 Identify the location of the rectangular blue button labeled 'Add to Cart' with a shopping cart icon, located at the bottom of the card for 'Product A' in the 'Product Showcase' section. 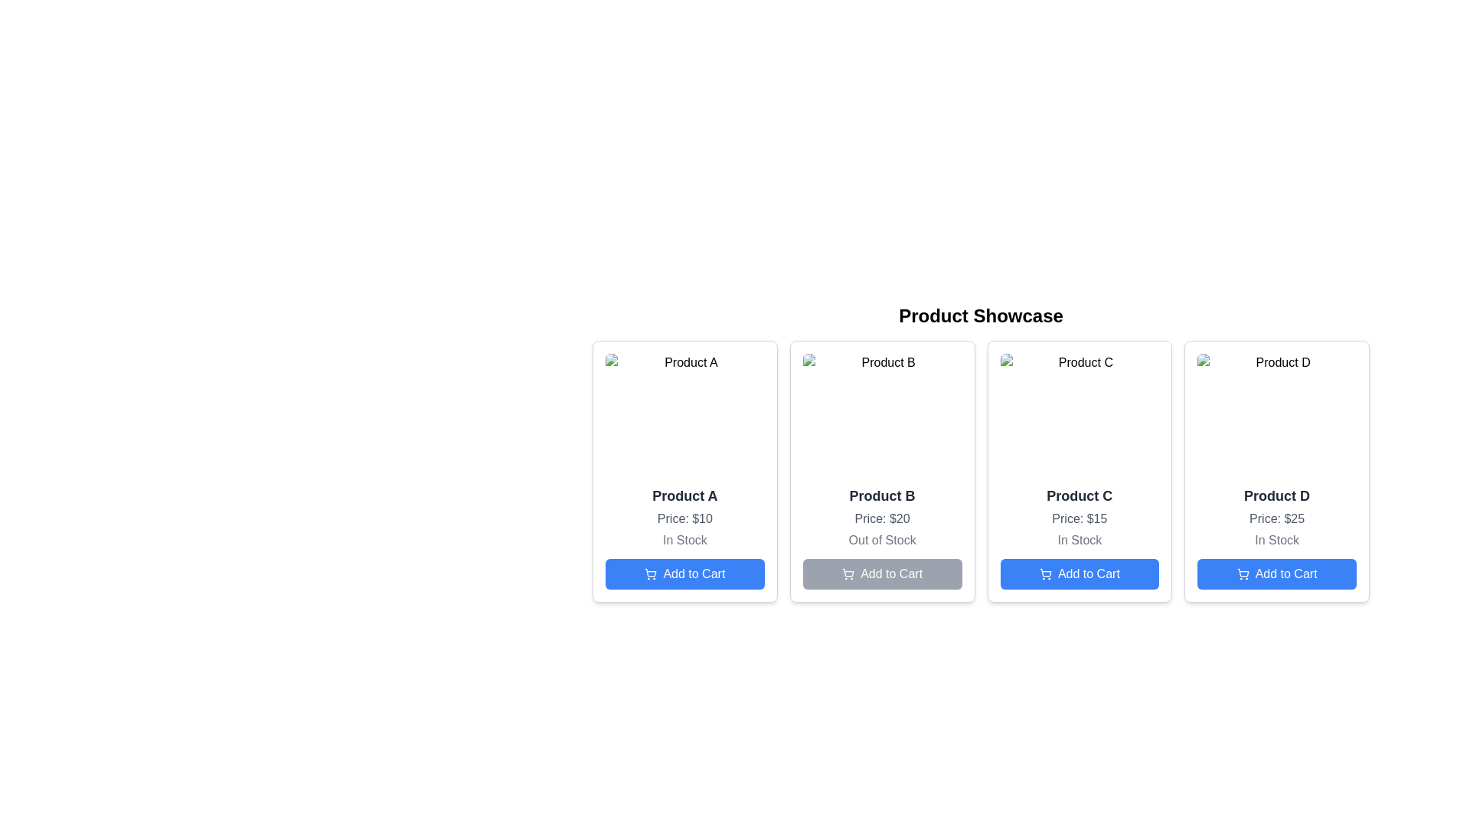
(684, 574).